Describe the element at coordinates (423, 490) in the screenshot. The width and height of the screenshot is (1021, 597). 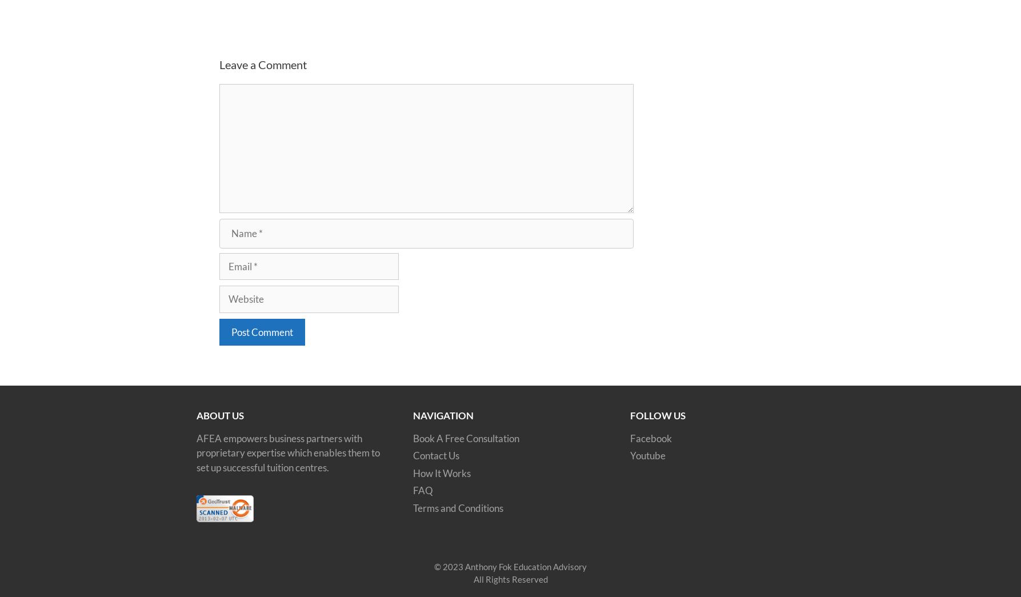
I see `'FAQ'` at that location.